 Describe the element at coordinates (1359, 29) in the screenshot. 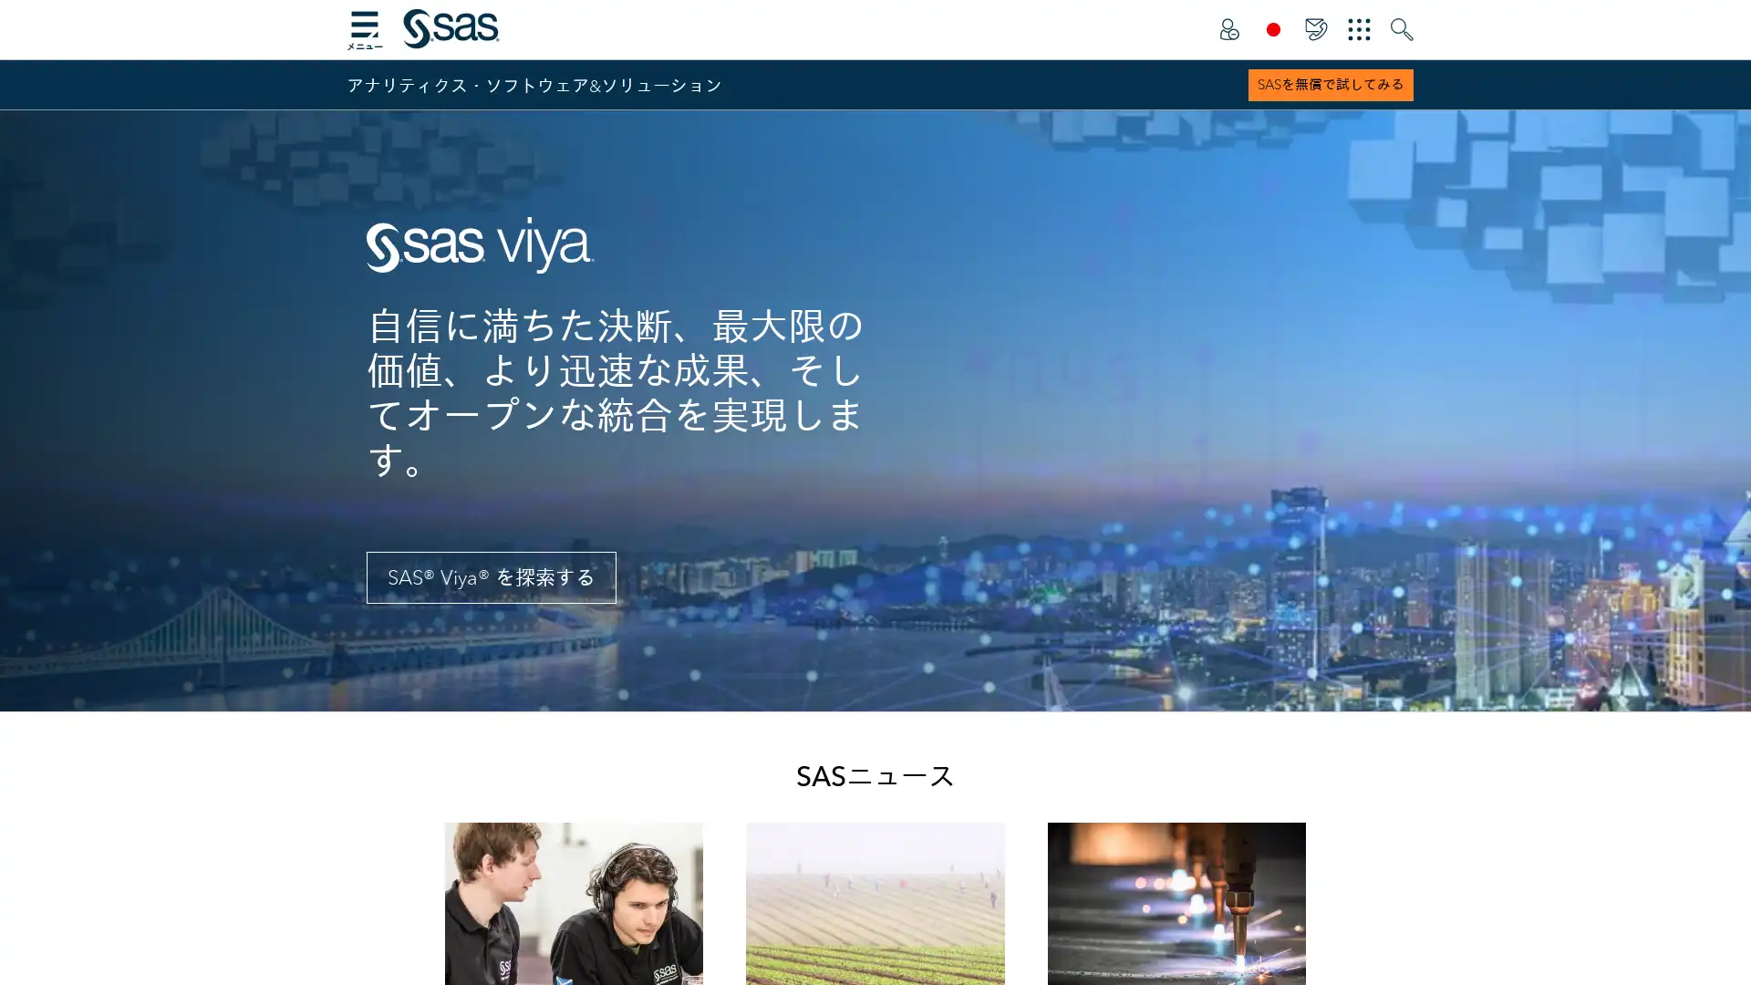

I see `SAS Sites` at that location.